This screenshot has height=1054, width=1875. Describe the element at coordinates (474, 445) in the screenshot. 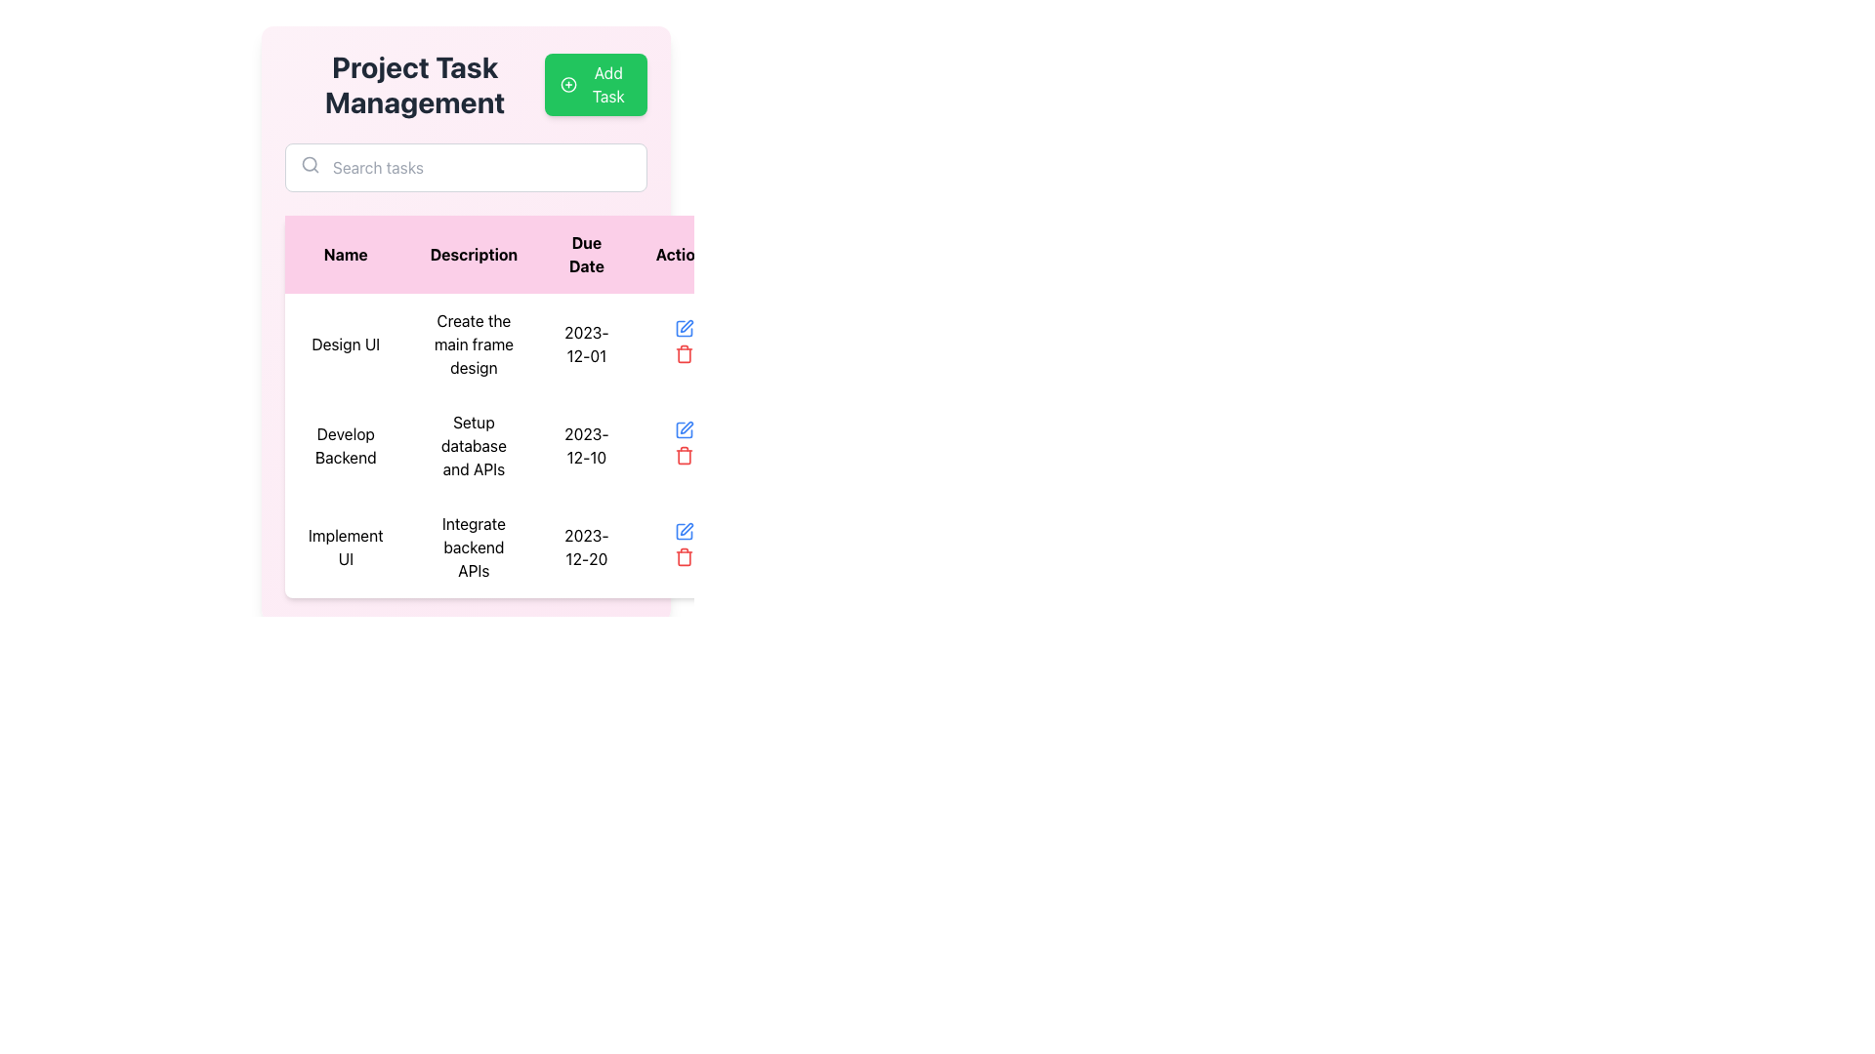

I see `the Text Label containing the text 'Setup database and APIs', which is styled with center alignment and located within the pinkish table under the 'Description' column` at that location.